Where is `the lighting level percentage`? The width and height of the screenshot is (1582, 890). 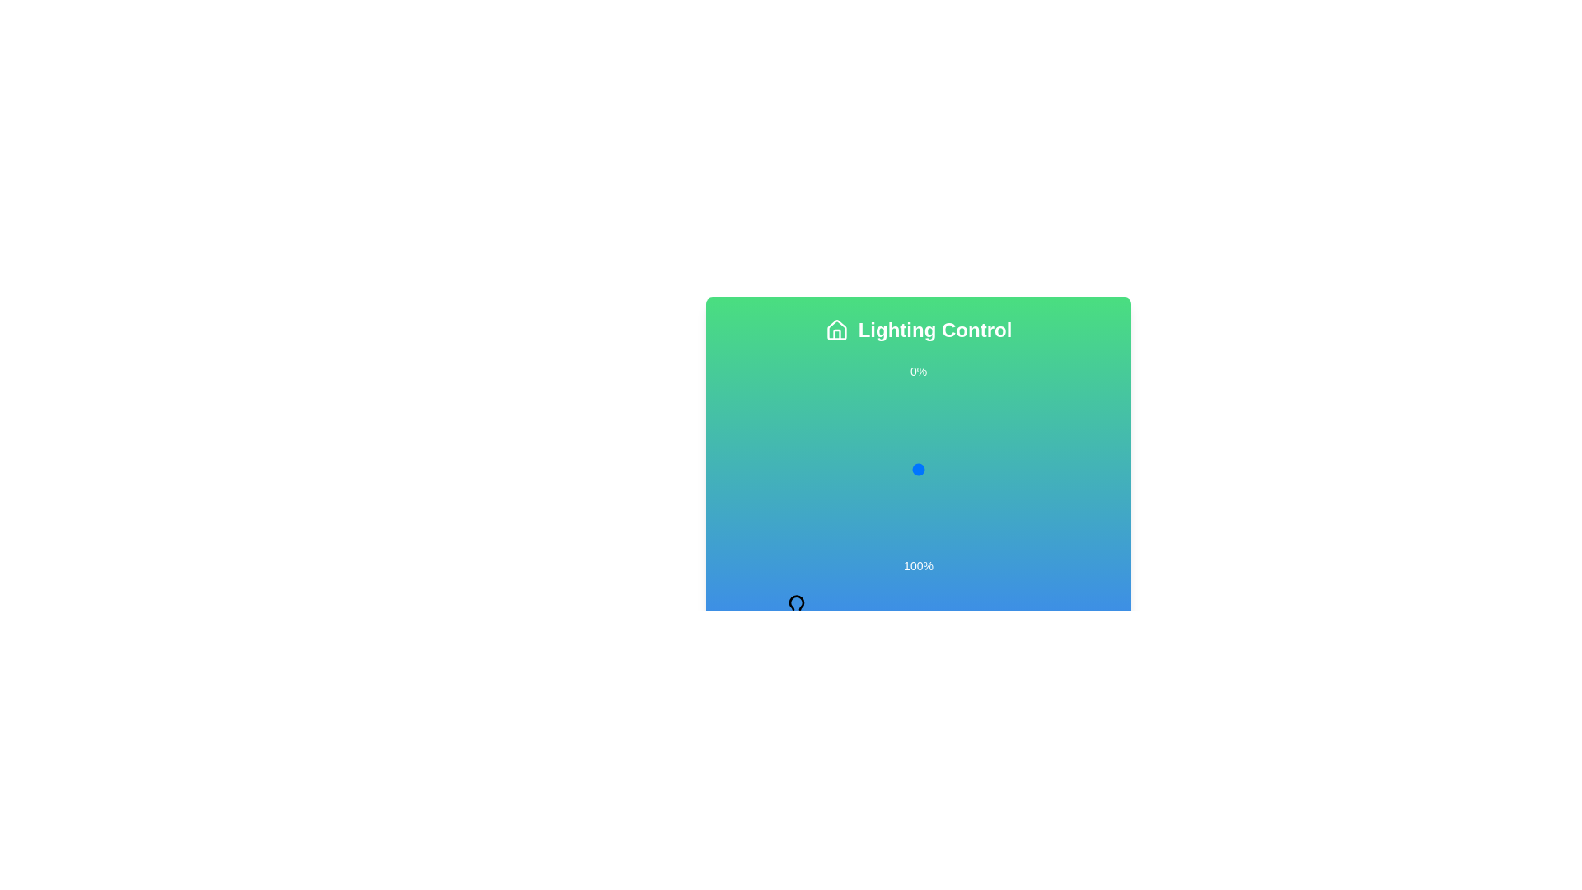
the lighting level percentage is located at coordinates (959, 469).